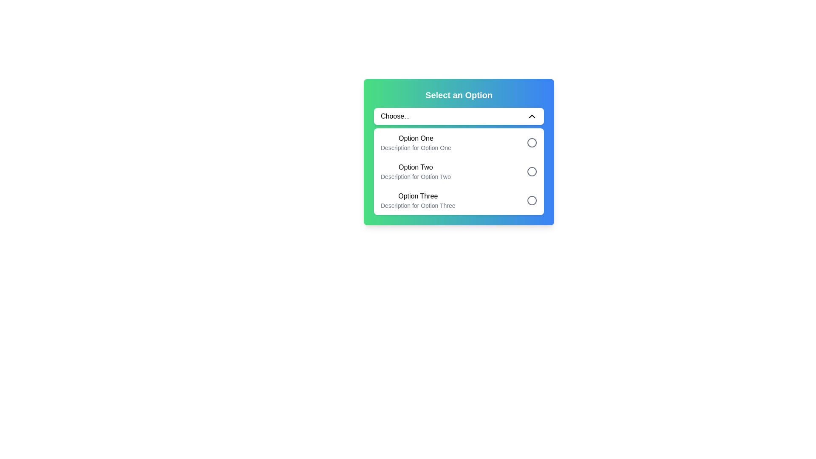  I want to click on the inner circle of the radio button adjacent to 'Option Two', so click(532, 172).